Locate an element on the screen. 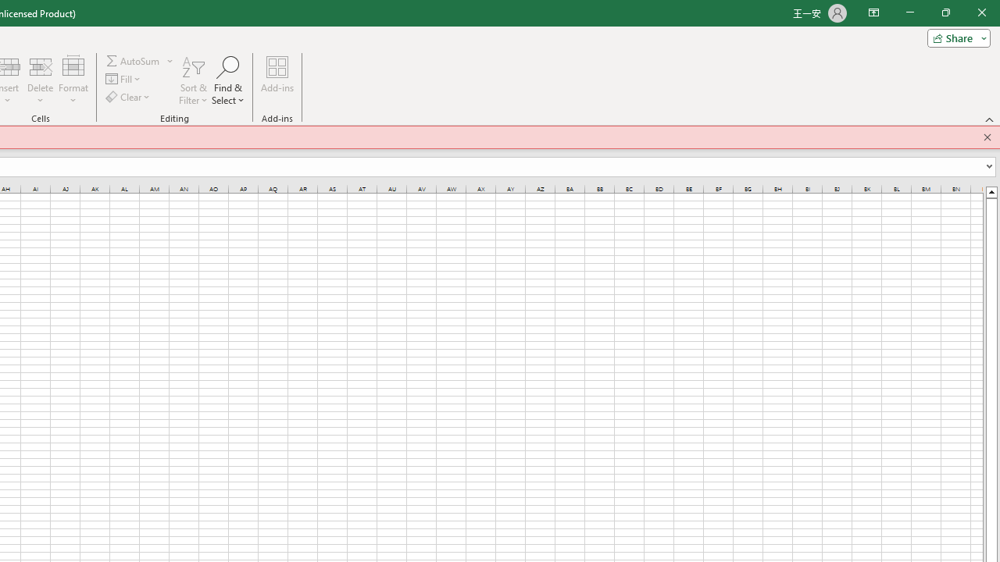 This screenshot has height=562, width=1000. 'Format' is located at coordinates (73, 80).